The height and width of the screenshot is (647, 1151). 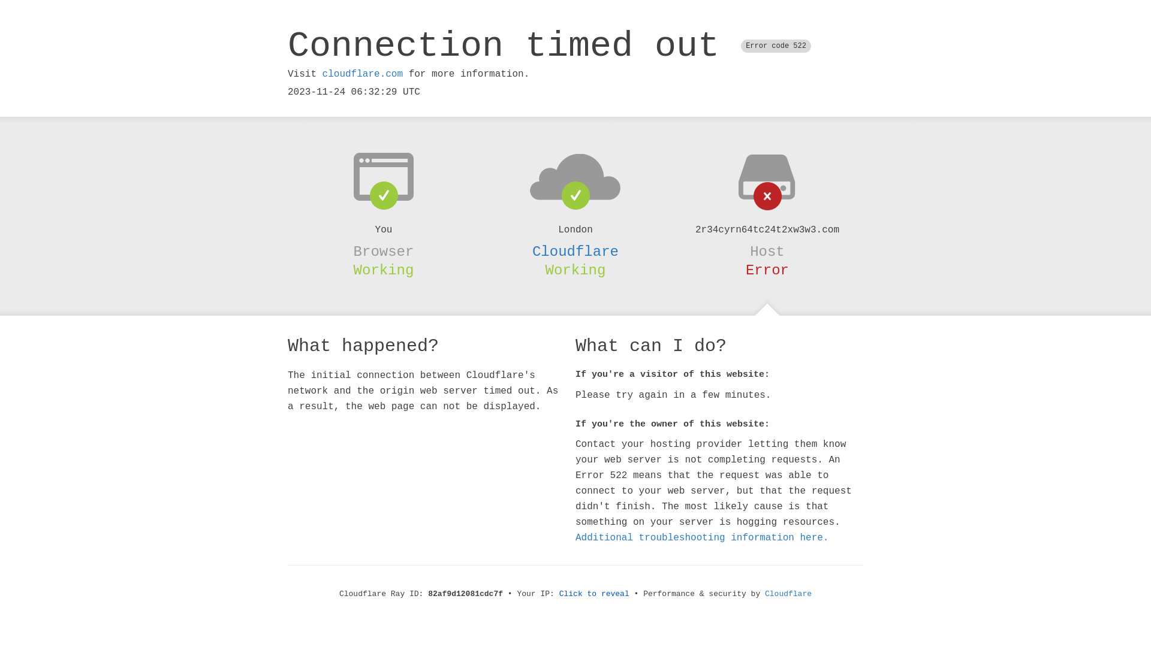 I want to click on 'cloudflare.com', so click(x=361, y=74).